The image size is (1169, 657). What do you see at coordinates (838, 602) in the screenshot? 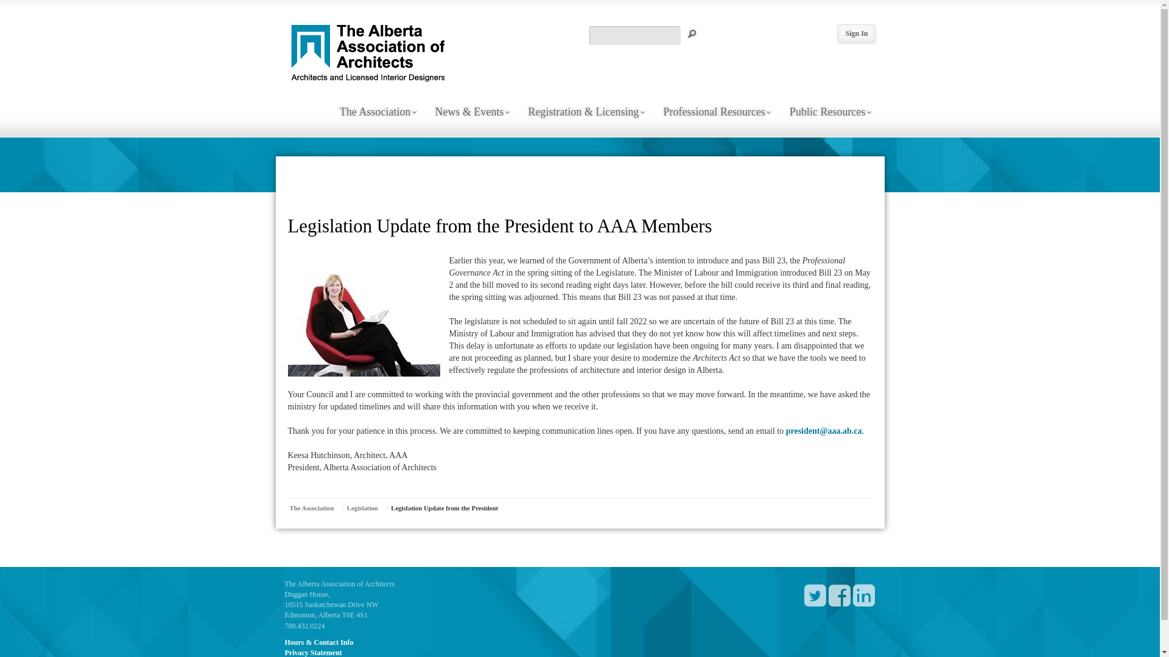
I see `' '` at bounding box center [838, 602].